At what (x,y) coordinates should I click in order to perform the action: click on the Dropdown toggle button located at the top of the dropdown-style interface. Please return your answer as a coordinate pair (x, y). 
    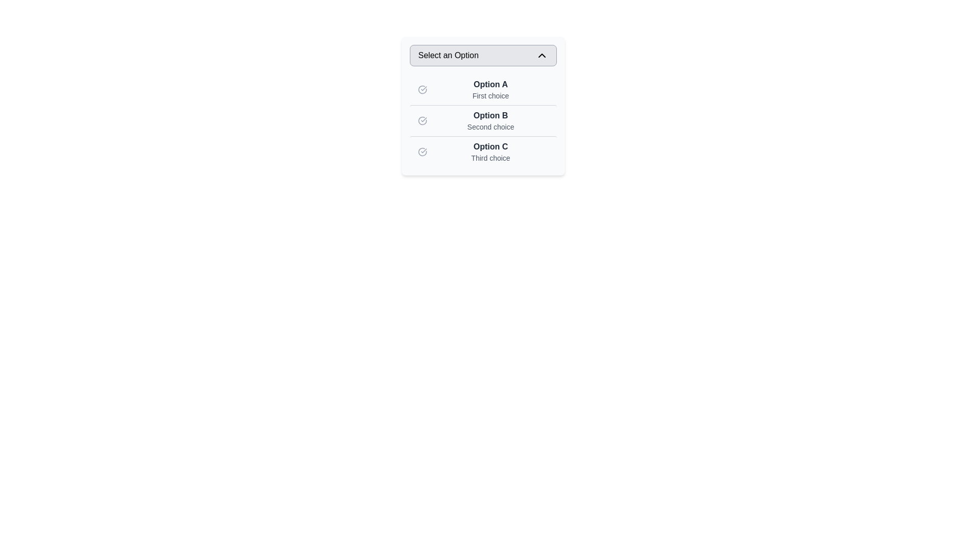
    Looking at the image, I should click on (482, 55).